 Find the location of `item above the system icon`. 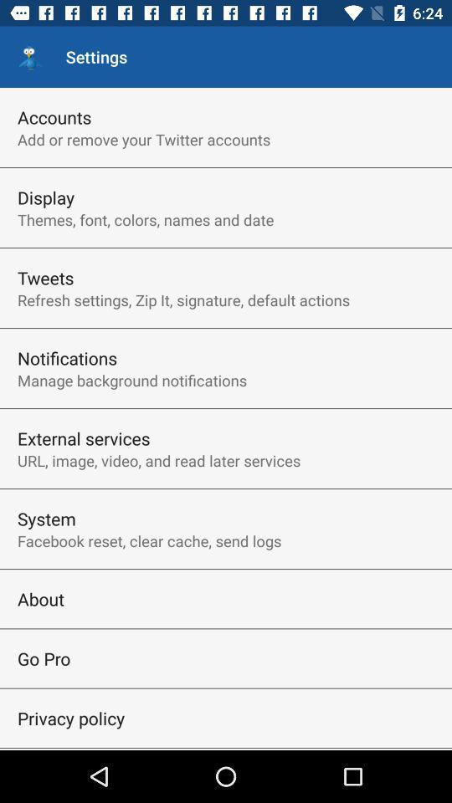

item above the system icon is located at coordinates (159, 460).